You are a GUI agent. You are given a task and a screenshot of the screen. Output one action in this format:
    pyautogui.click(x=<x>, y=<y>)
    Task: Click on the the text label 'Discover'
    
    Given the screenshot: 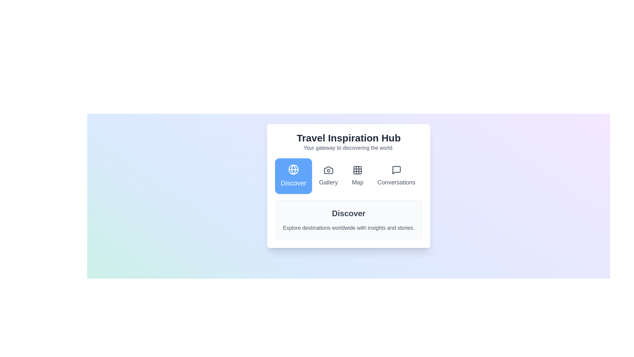 What is the action you would take?
    pyautogui.click(x=293, y=183)
    